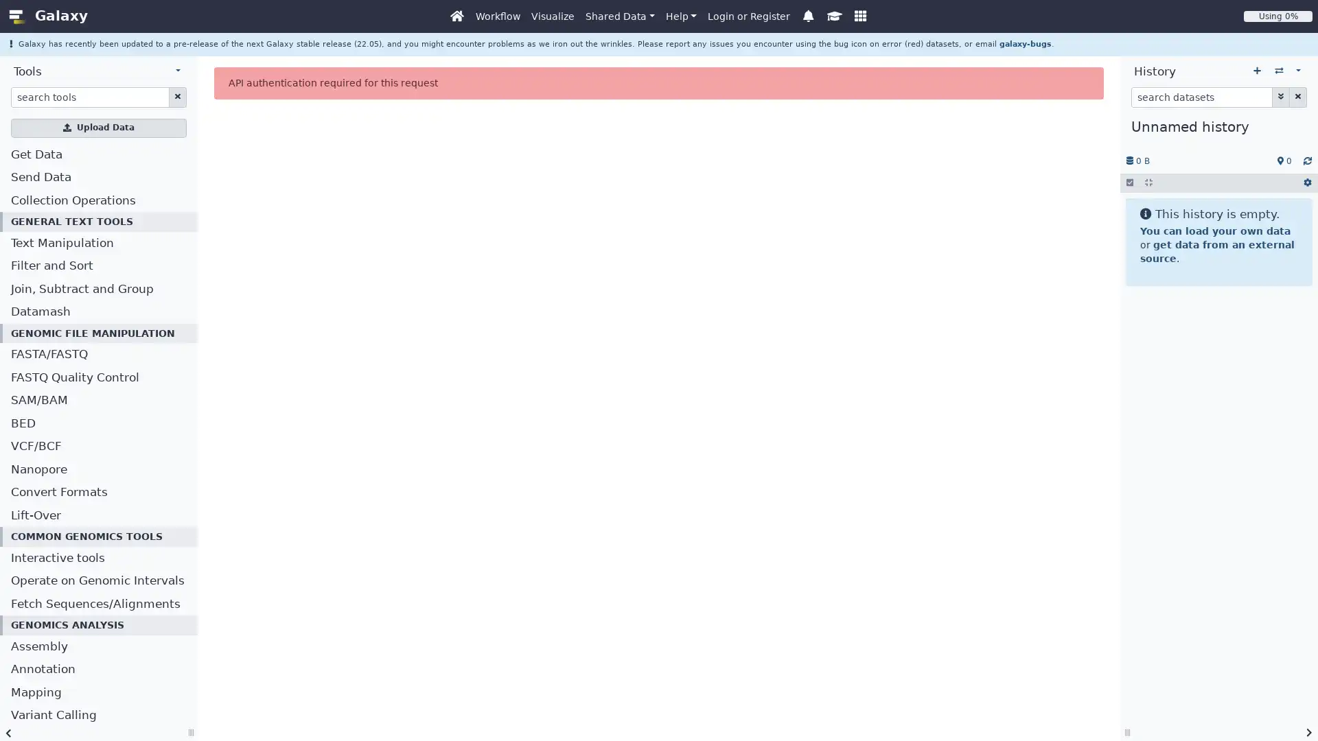 The height and width of the screenshot is (741, 1318). I want to click on Collapse Items, so click(1148, 182).